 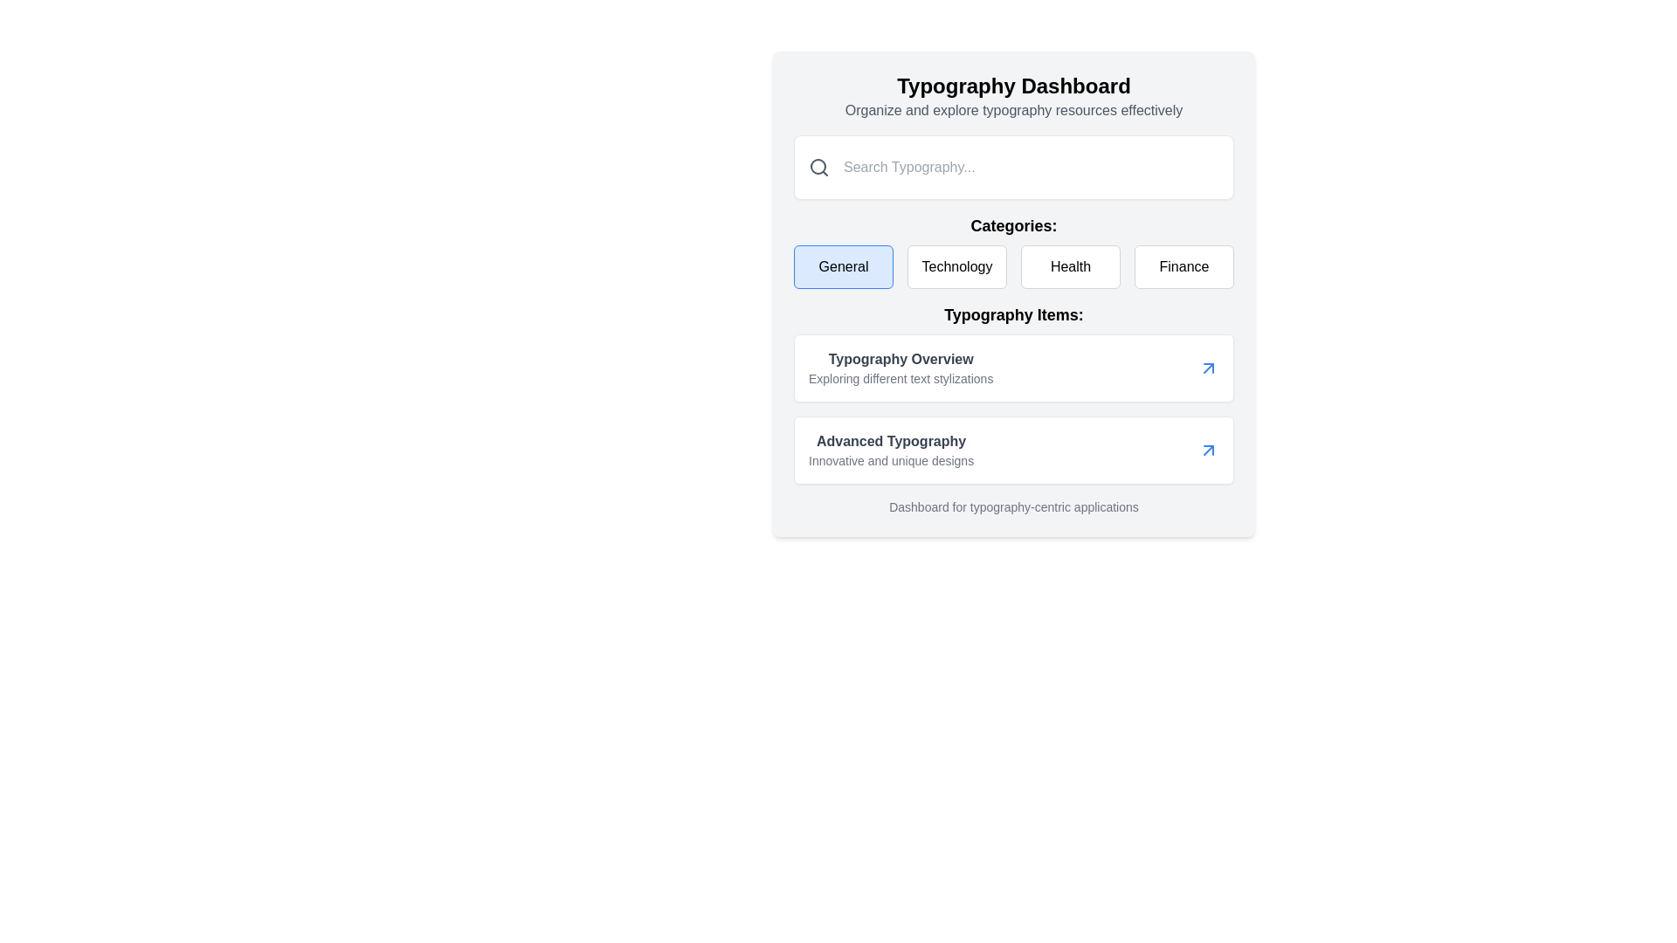 What do you see at coordinates (891, 460) in the screenshot?
I see `the descriptive subtitle text label located below 'Advanced Typography,' which provides additional information about its content` at bounding box center [891, 460].